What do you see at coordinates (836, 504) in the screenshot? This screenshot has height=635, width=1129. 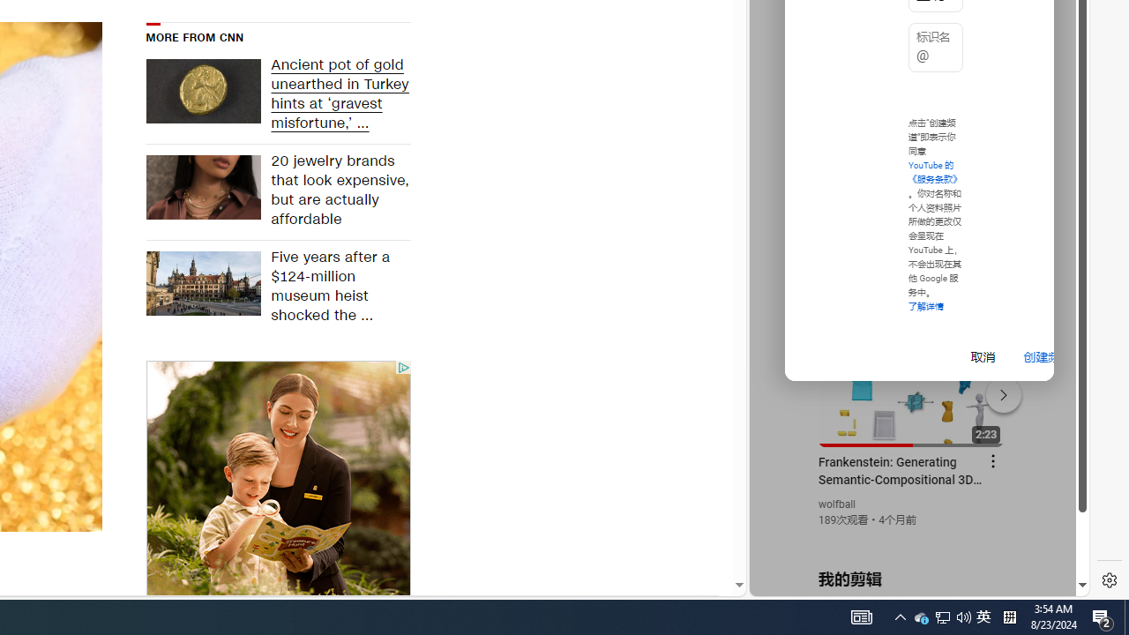 I see `'wolfball'` at bounding box center [836, 504].